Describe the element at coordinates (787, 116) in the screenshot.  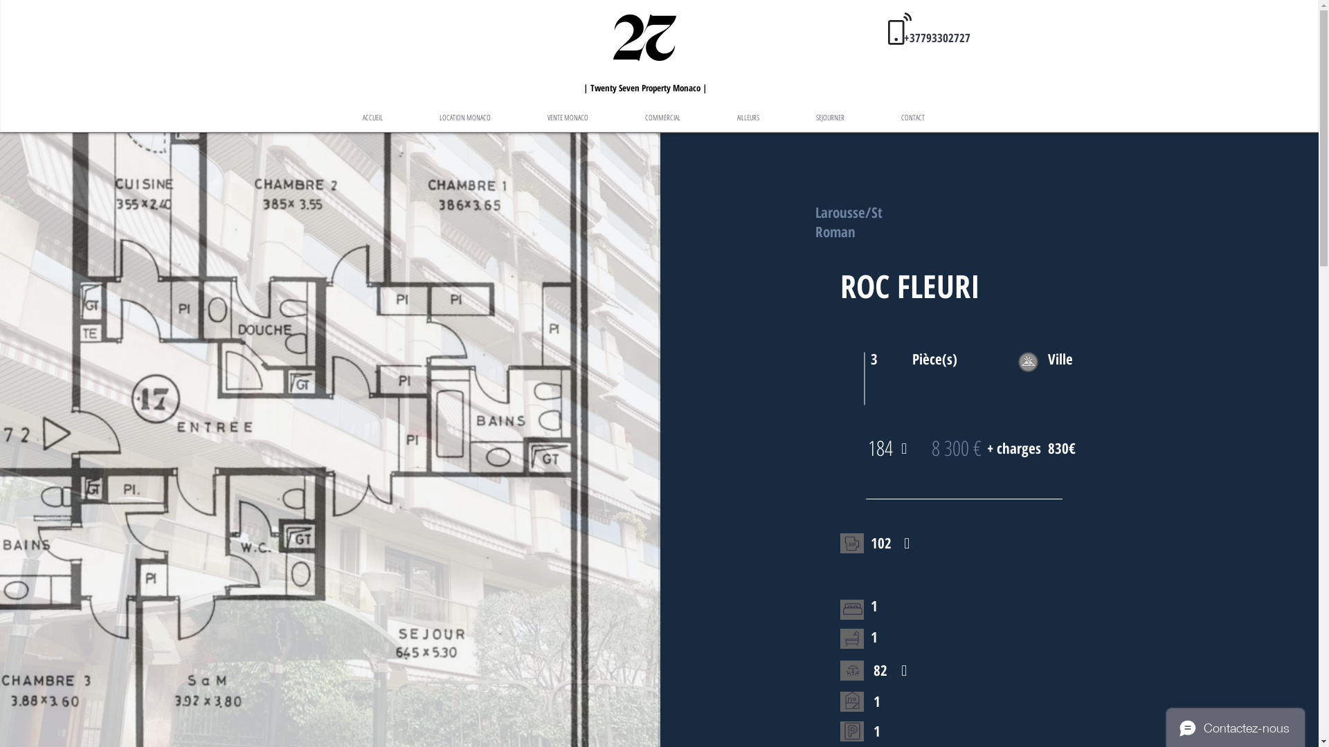
I see `'SEJOURNER'` at that location.